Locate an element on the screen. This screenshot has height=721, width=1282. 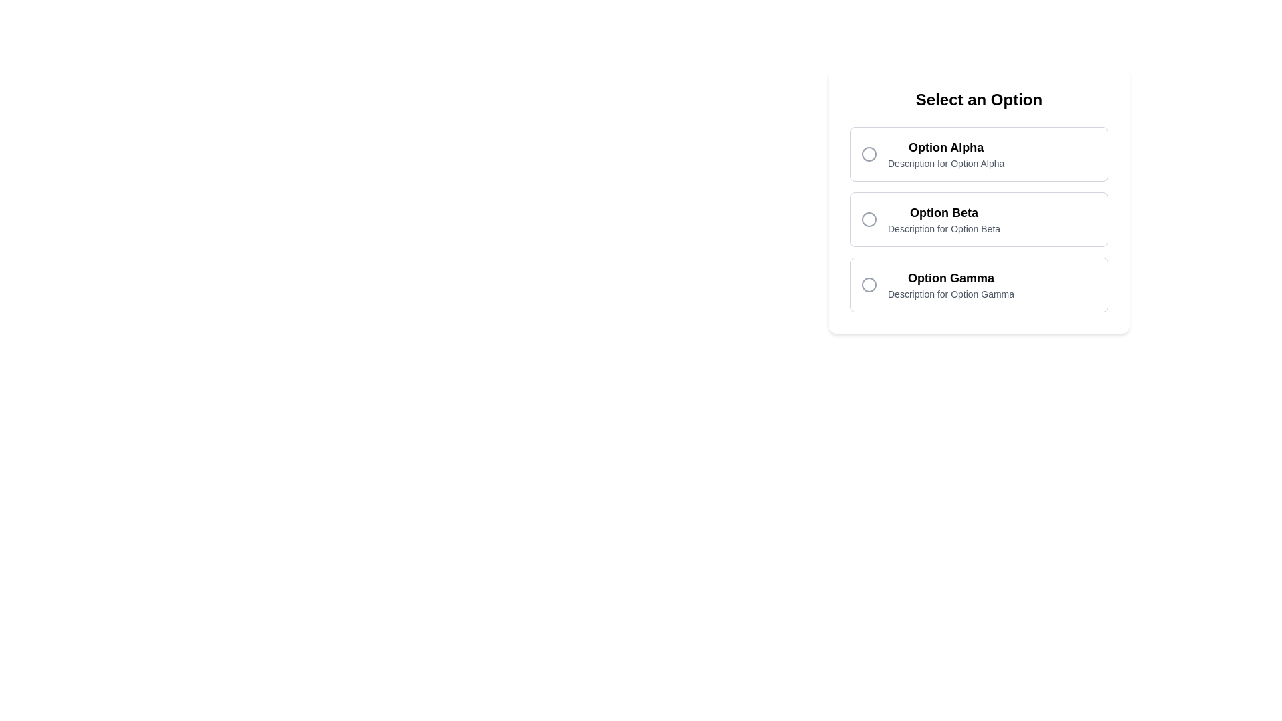
the 'Option Alpha' radio button to navigate via keyboard is located at coordinates (979, 154).